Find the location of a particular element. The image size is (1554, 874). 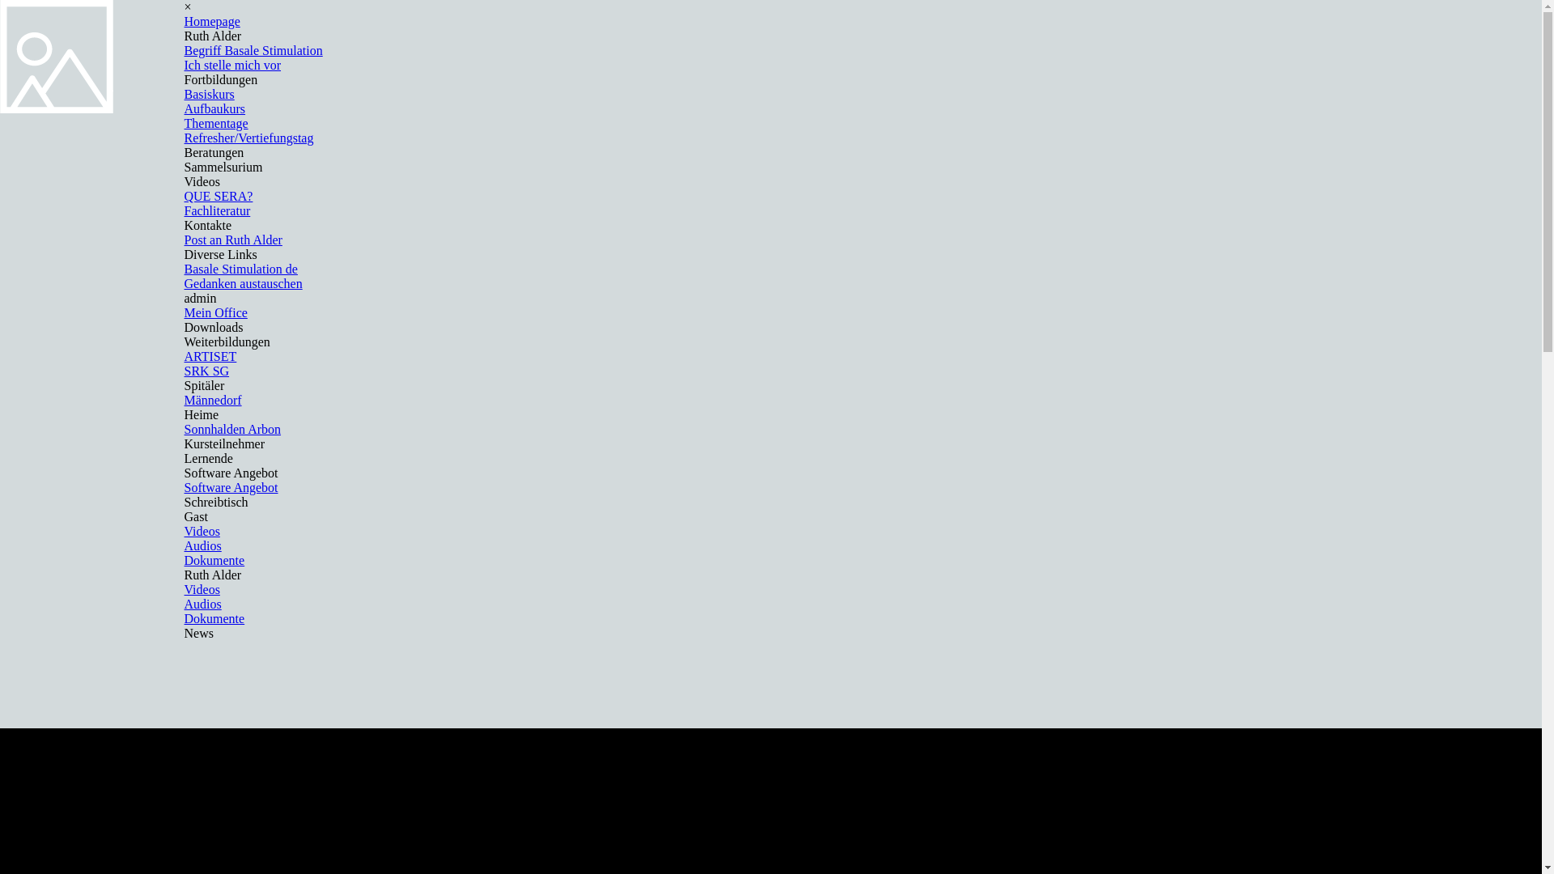

'Audios' is located at coordinates (184, 604).